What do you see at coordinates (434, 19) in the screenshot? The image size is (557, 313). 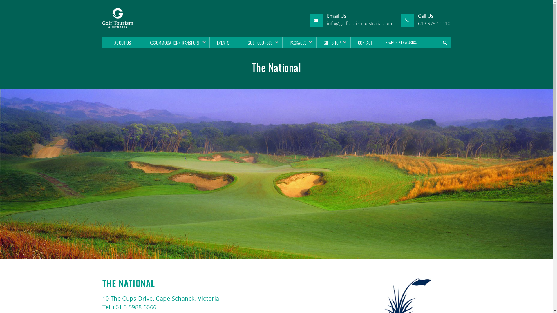 I see `'Call Us` at bounding box center [434, 19].